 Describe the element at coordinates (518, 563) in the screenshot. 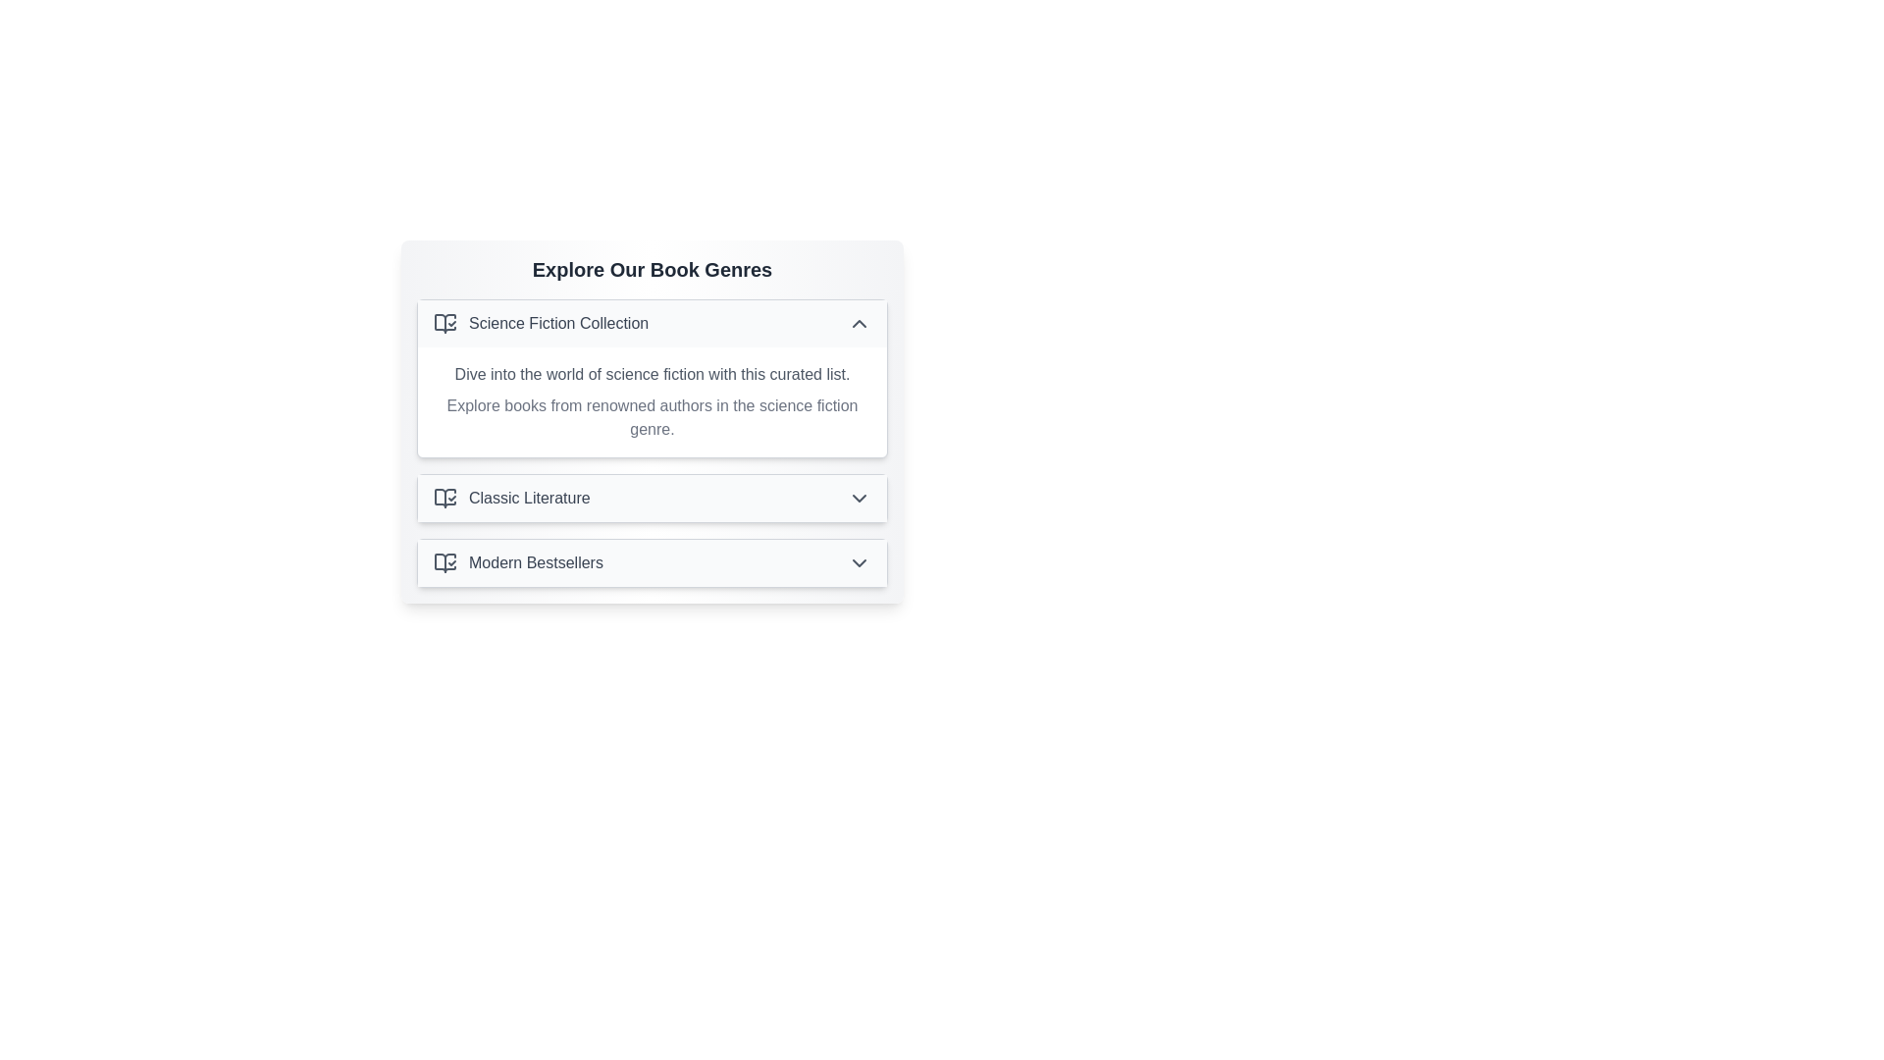

I see `the text 'Modern Bestsellers' in the list item that includes an icon of an open book with a check mark, located under the heading 'Explore Our Book Genres'` at that location.